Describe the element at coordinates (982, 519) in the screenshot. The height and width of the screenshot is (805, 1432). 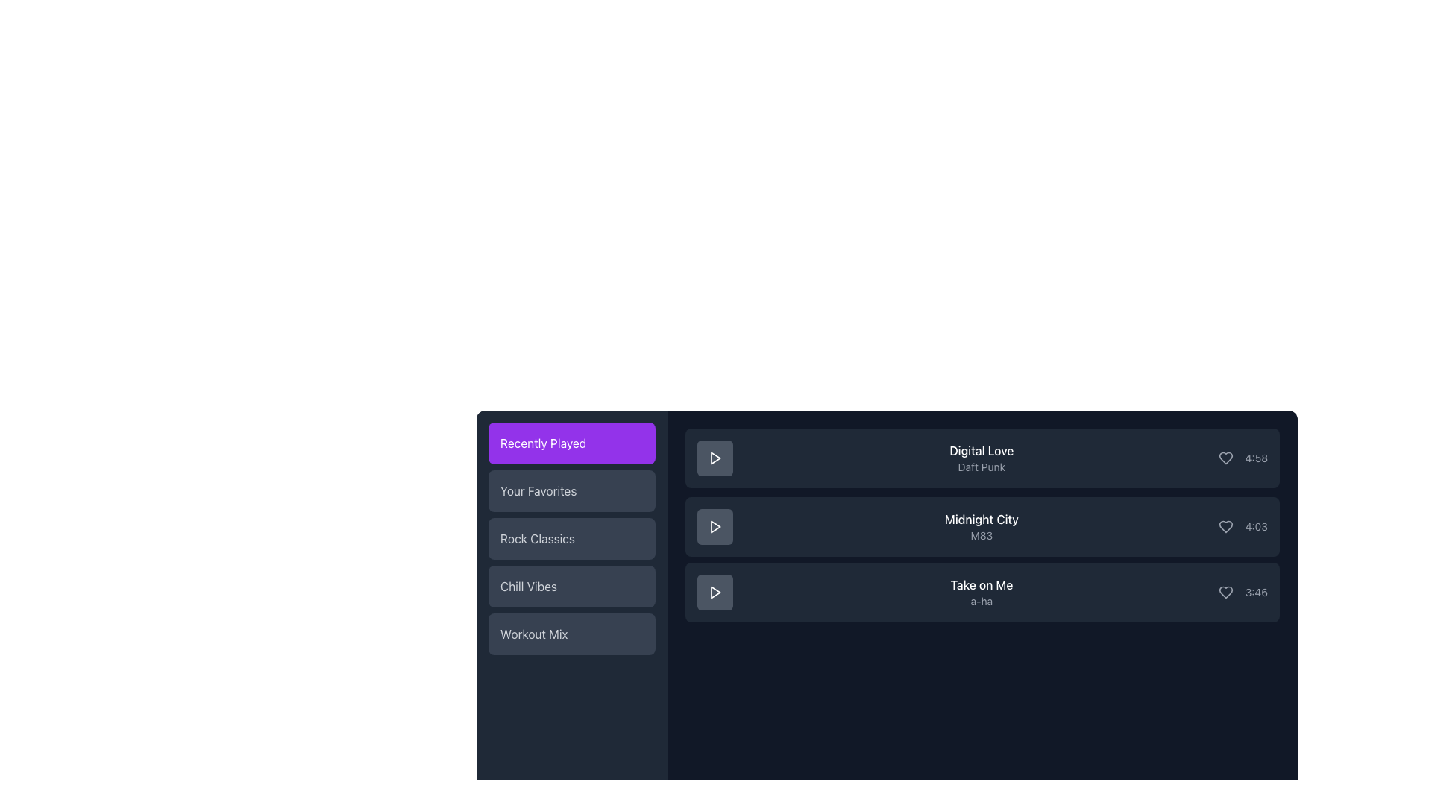
I see `the text label displaying 'Midnight City', which is prominently styled in bold white font against a dark background, indicating the title of a music item in a playlist` at that location.